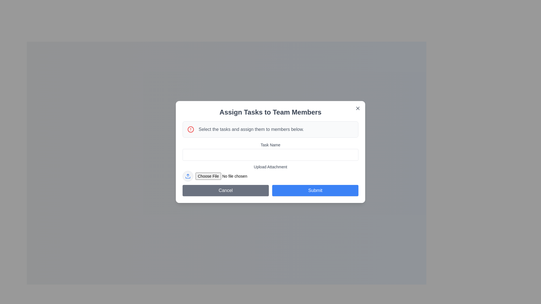  I want to click on the Text header of the modal that indicates its main functionality of assigning tasks to team members, positioned at the top just below the close button, so click(270, 112).